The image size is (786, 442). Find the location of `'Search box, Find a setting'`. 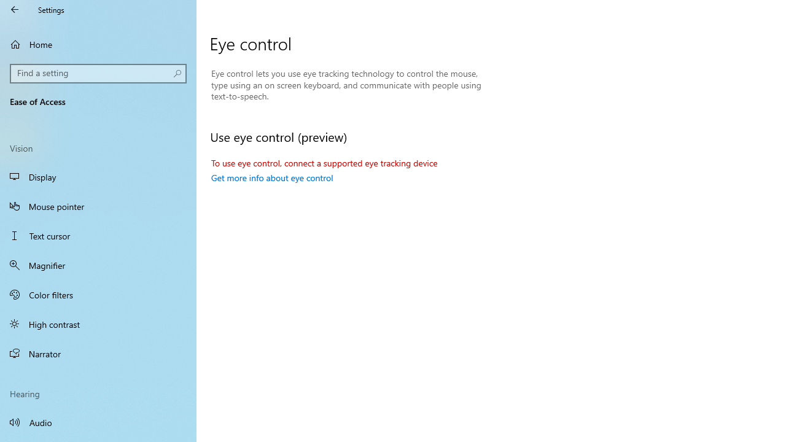

'Search box, Find a setting' is located at coordinates (98, 73).